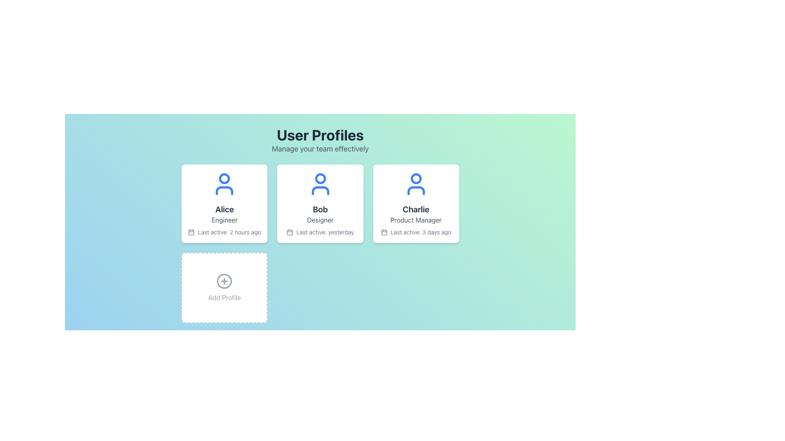 This screenshot has width=785, height=441. What do you see at coordinates (320, 140) in the screenshot?
I see `the centered text block displaying 'User Profiles' and 'Manage your team effectively.'` at bounding box center [320, 140].